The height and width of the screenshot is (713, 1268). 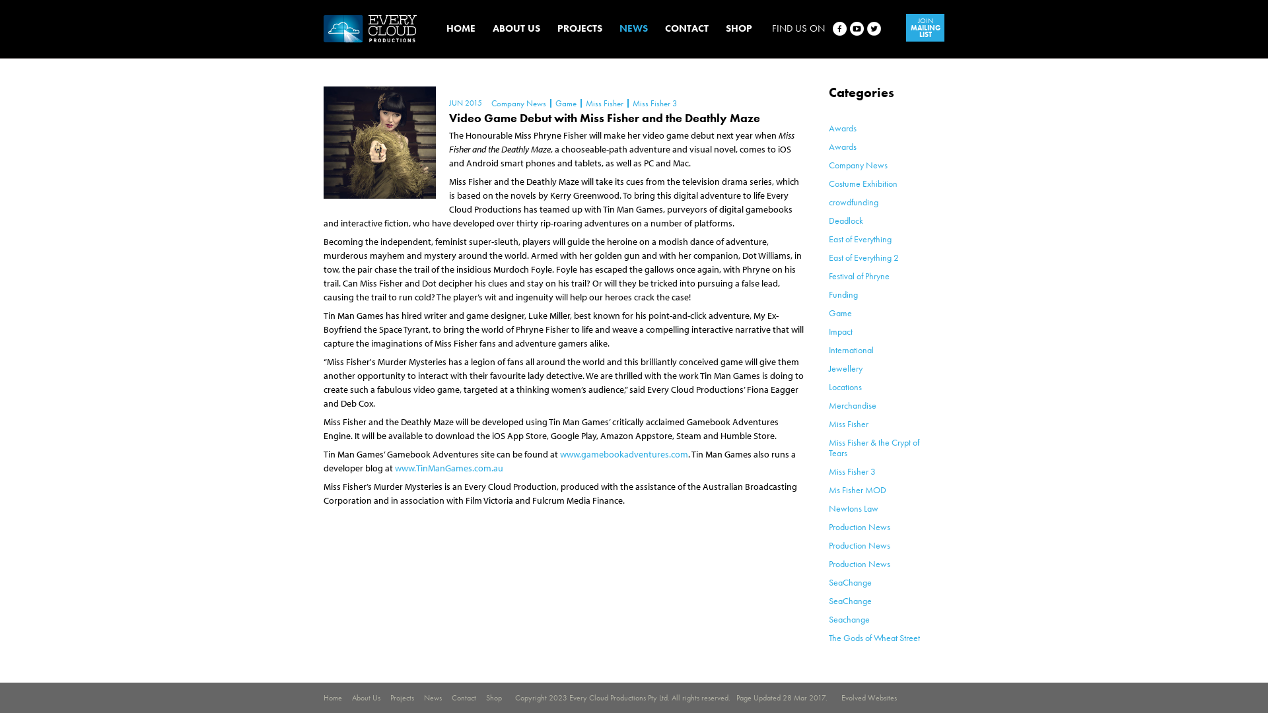 I want to click on 'Miss Fisher 3', so click(x=828, y=470).